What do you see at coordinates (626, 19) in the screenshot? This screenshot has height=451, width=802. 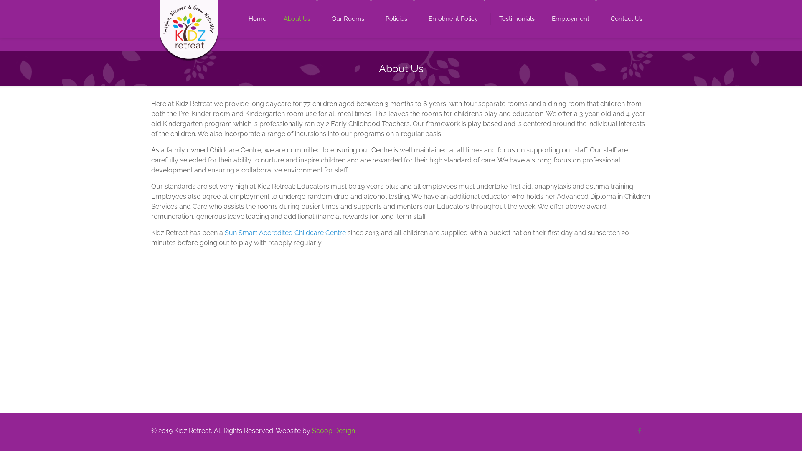 I see `'Contact Us'` at bounding box center [626, 19].